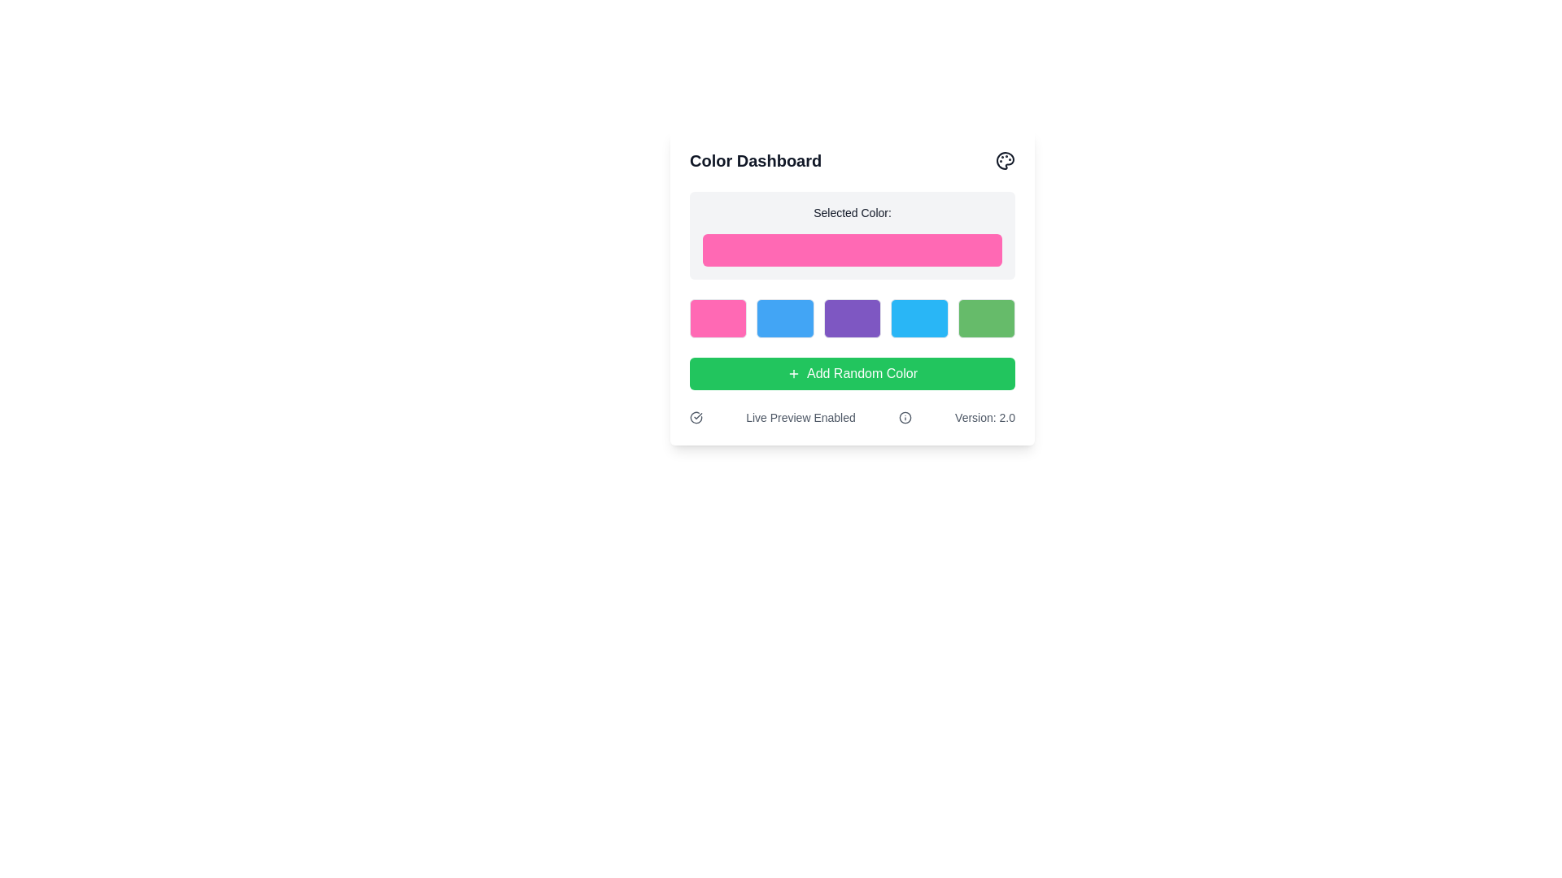 This screenshot has height=878, width=1562. What do you see at coordinates (851, 373) in the screenshot?
I see `the green rectangular button labeled 'Add Random Color' located in the 'Color Dashboard' card` at bounding box center [851, 373].